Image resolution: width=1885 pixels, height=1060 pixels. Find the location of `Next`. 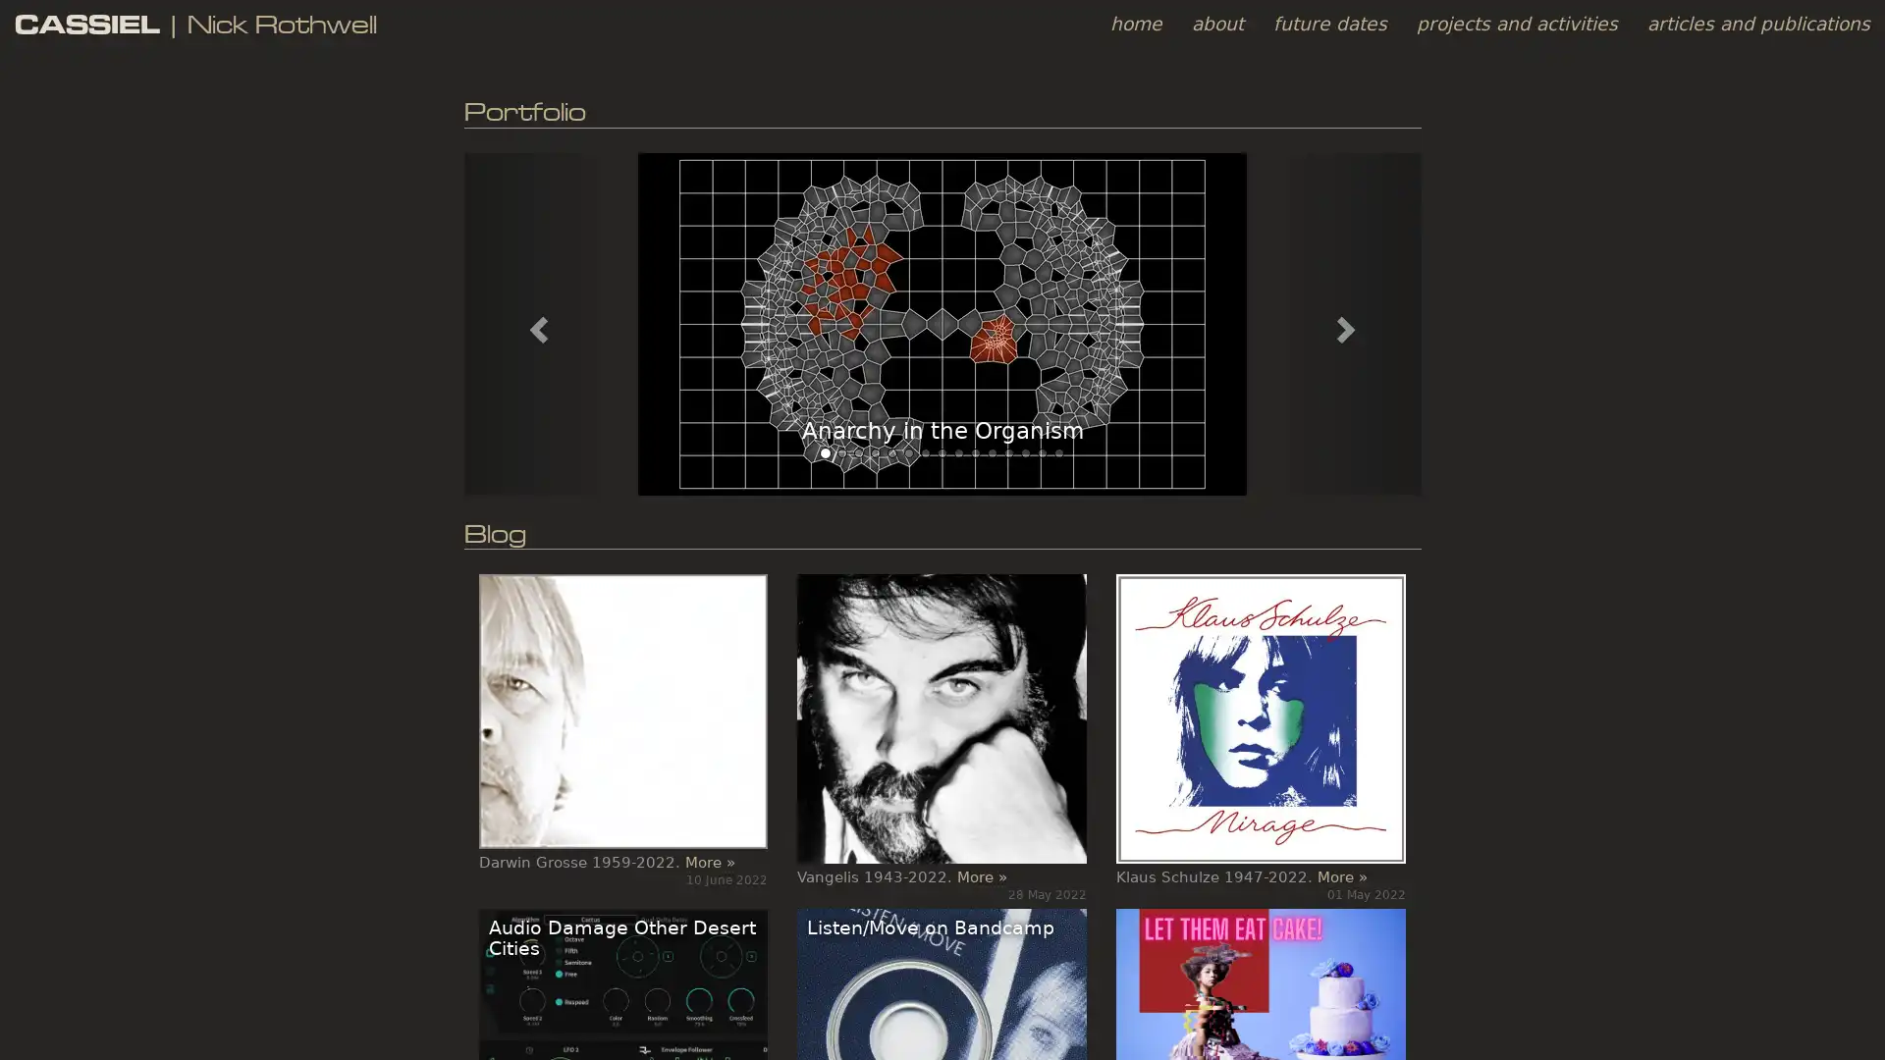

Next is located at coordinates (1347, 323).